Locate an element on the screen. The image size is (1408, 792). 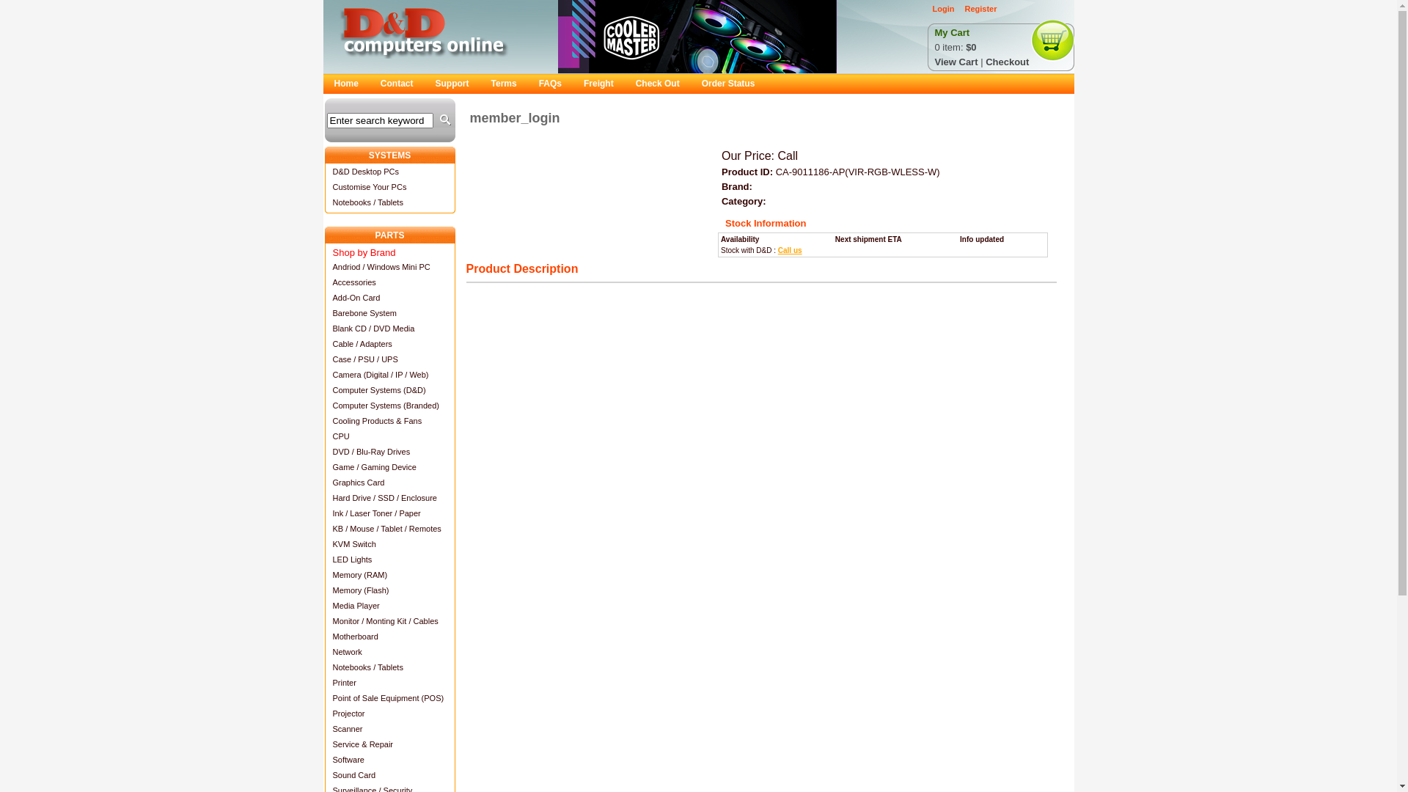
'Computer Systems (Branded)' is located at coordinates (389, 405).